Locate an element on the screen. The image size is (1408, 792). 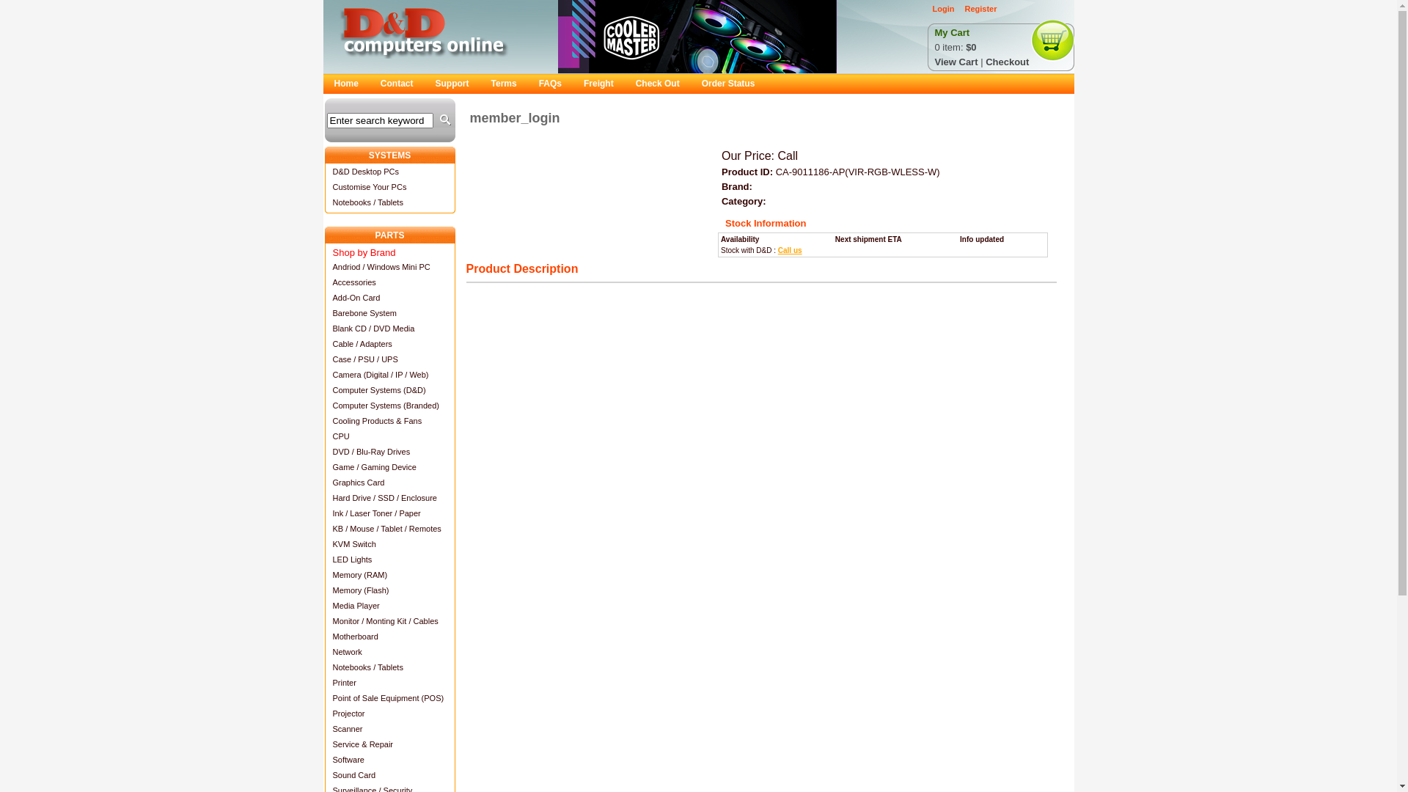
'Computer Systems (Branded)' is located at coordinates (389, 405).